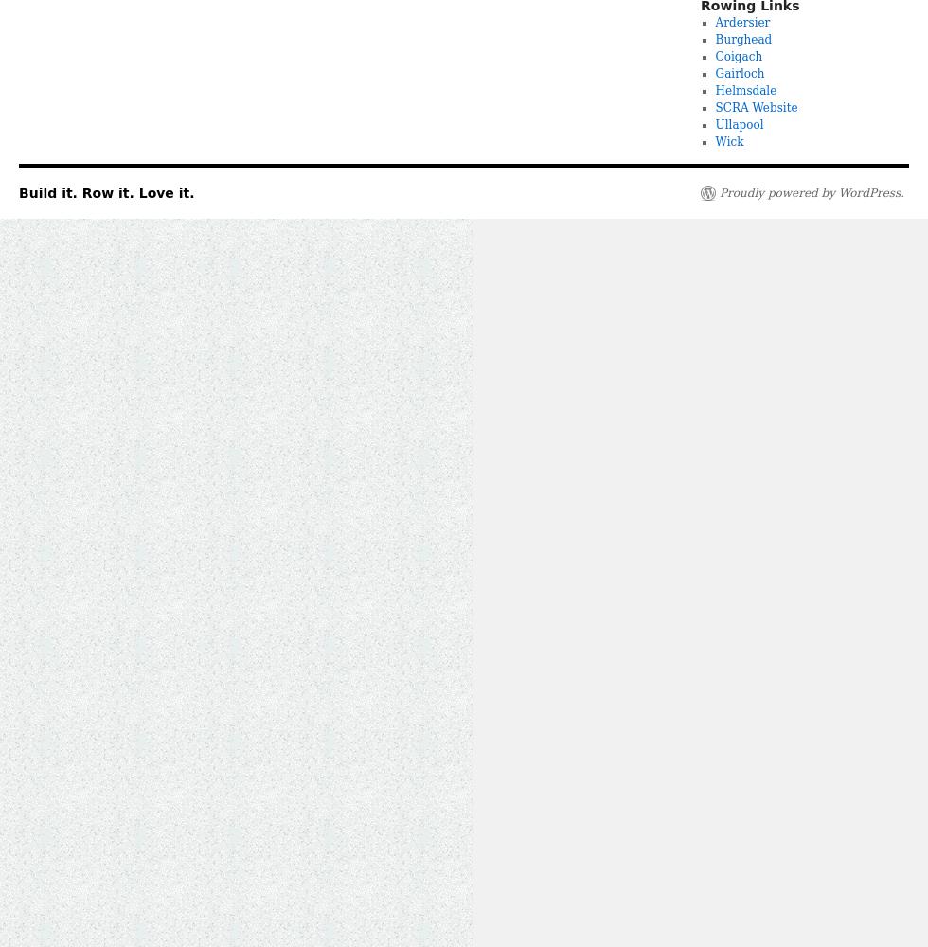  I want to click on 'Ardersier', so click(742, 23).